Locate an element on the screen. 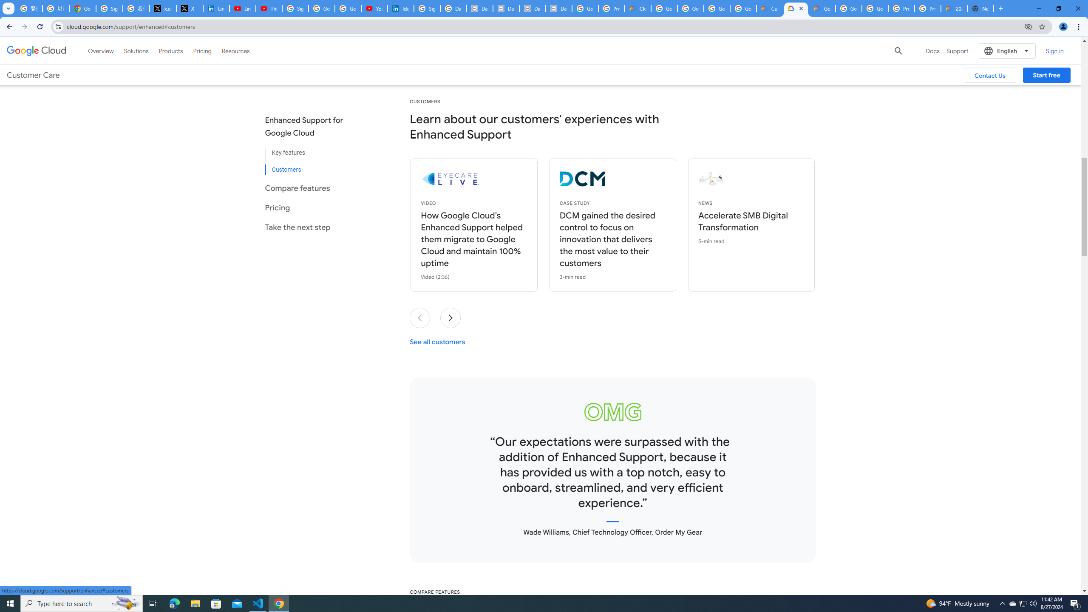  'Gemini for Business and Developers | Google Cloud' is located at coordinates (822, 8).